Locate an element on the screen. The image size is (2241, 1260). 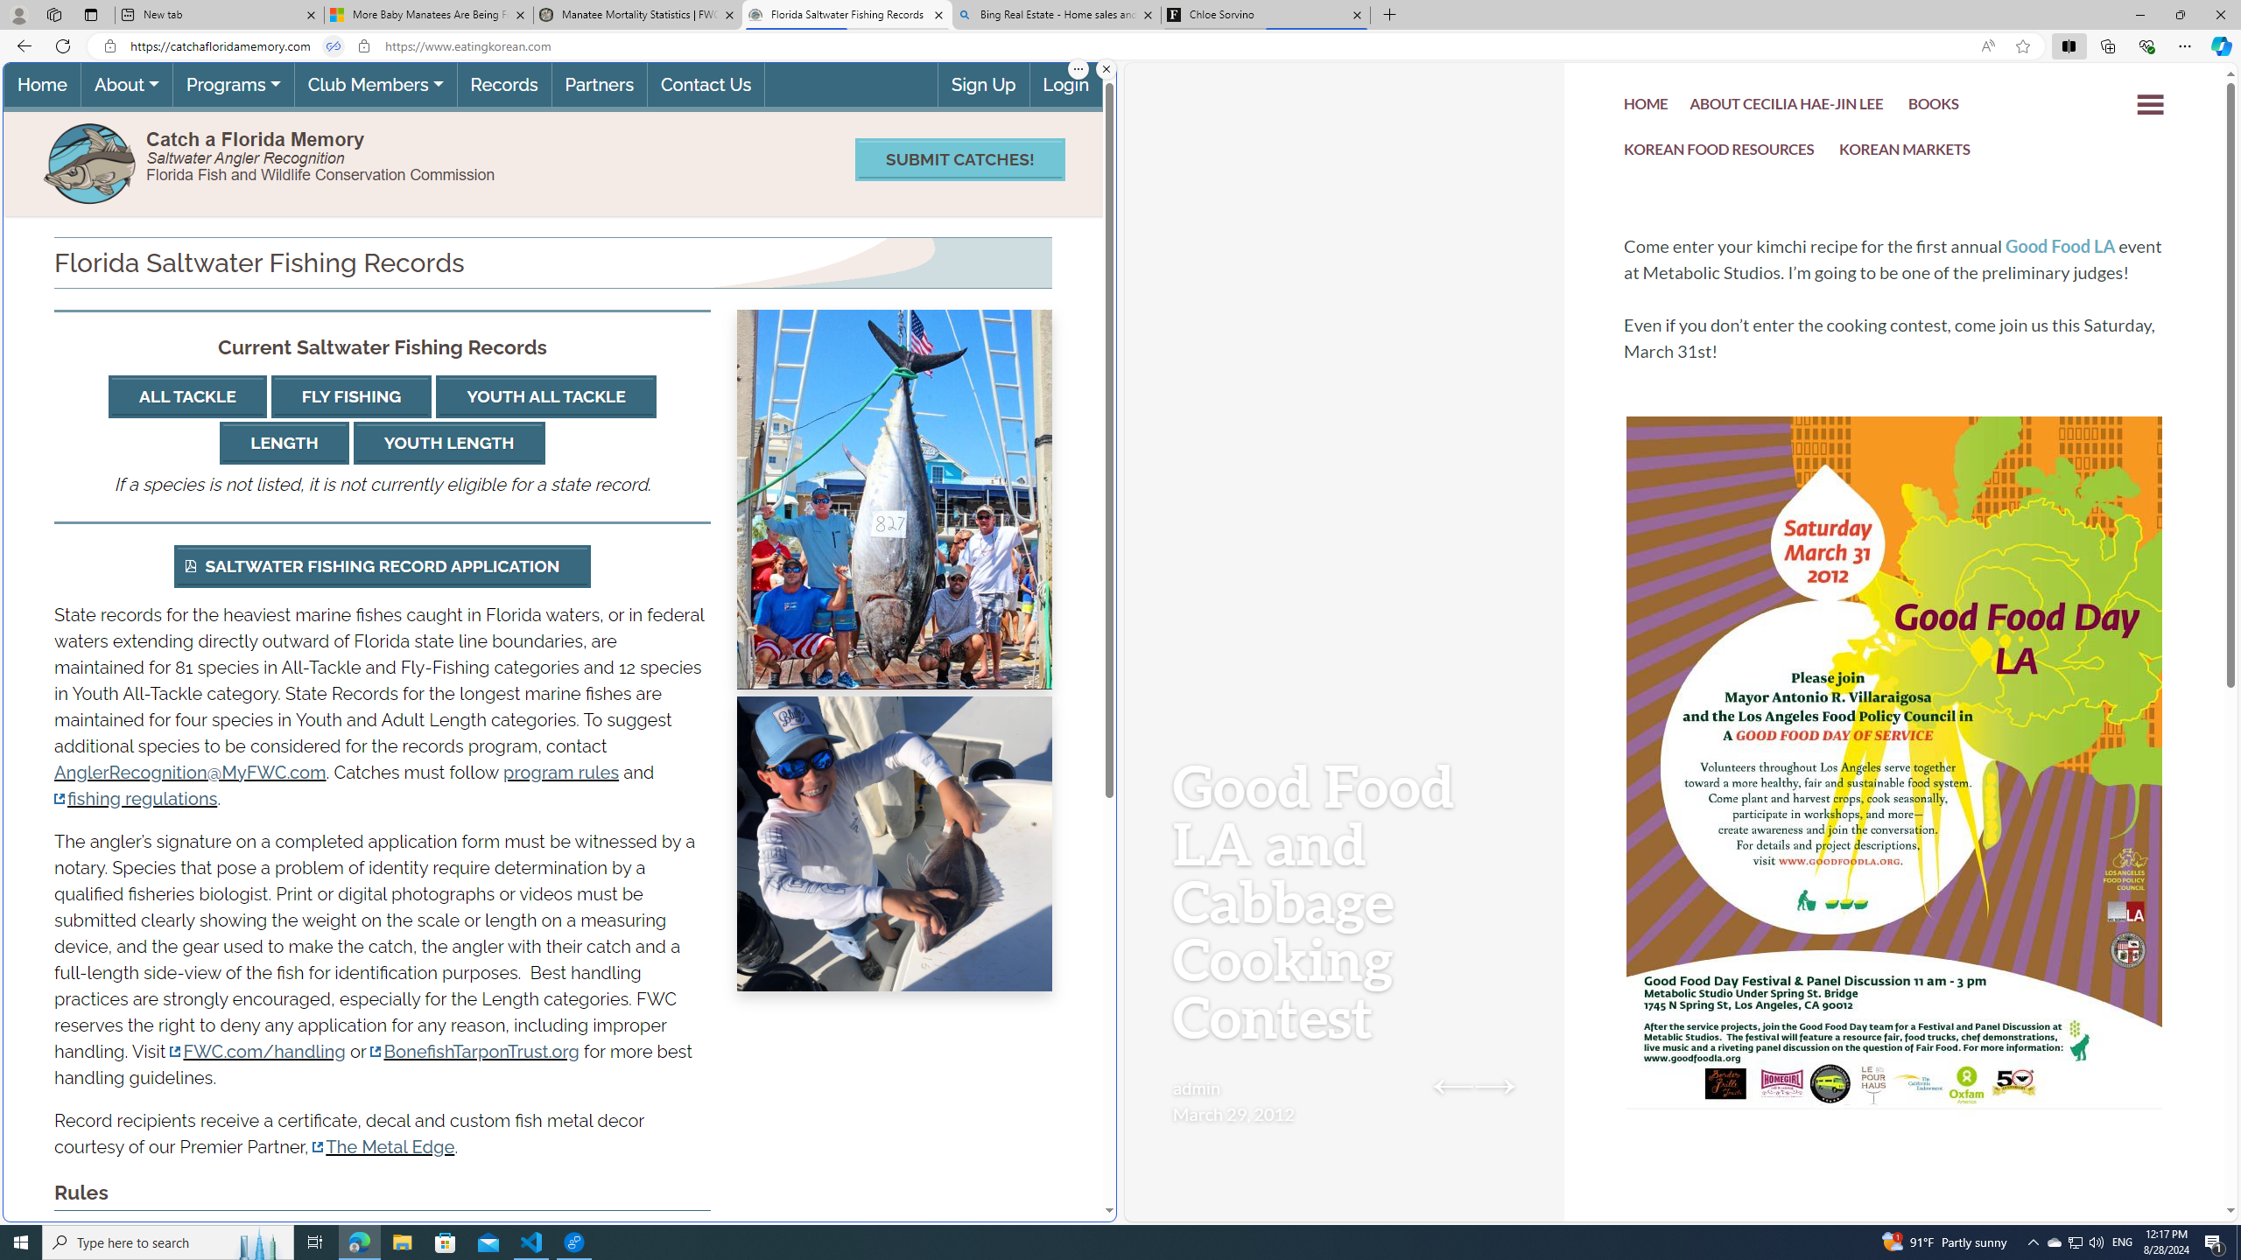
'good food la poster' is located at coordinates (1894, 815).